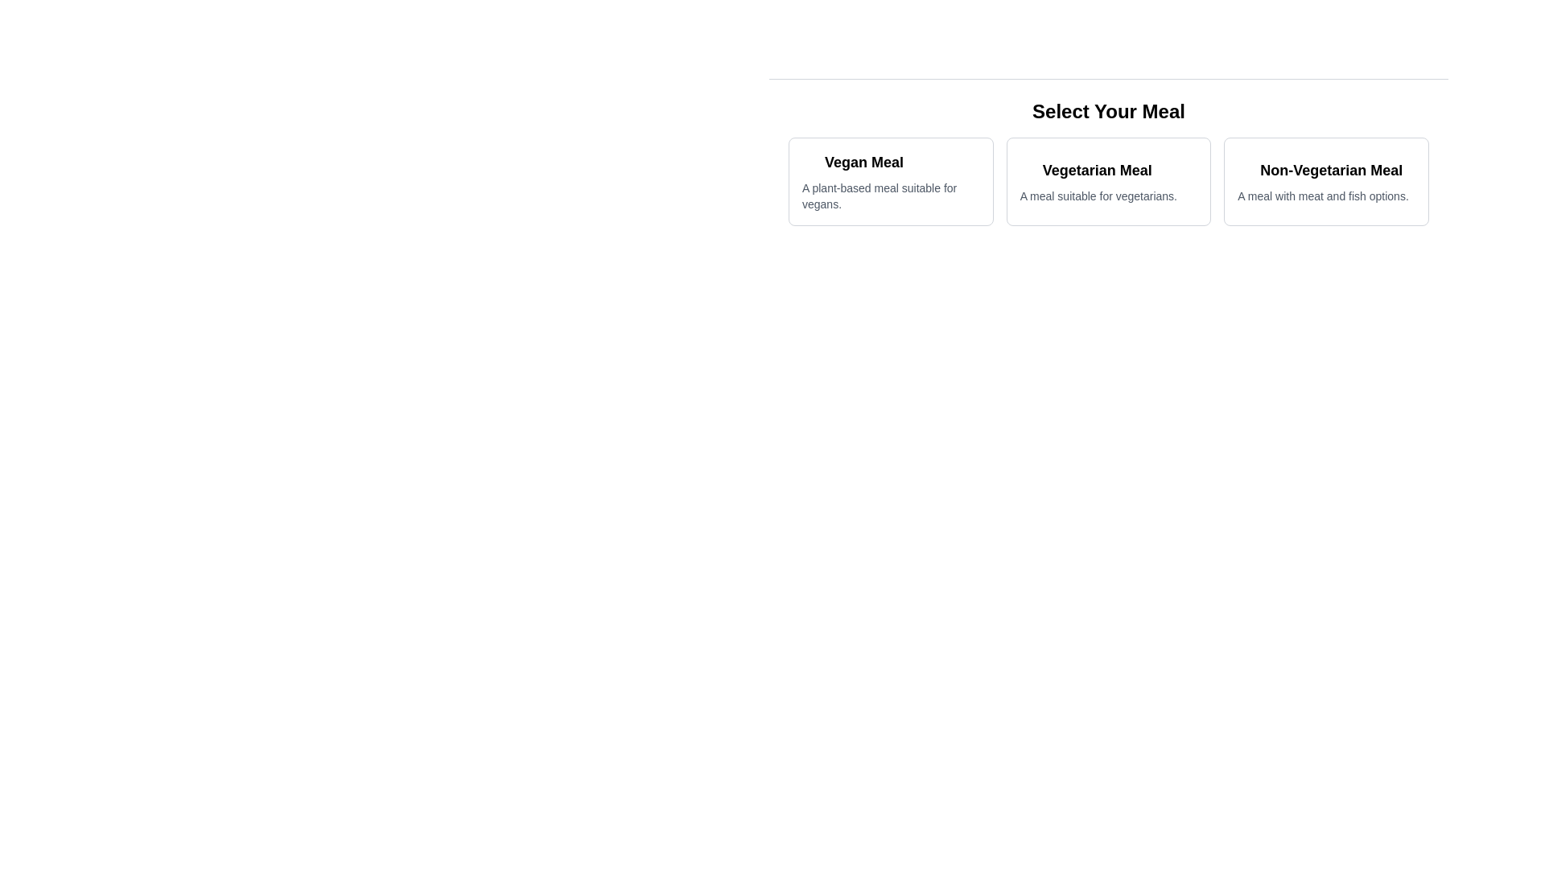 This screenshot has height=869, width=1545. Describe the element at coordinates (1096, 171) in the screenshot. I see `the bold heading 'Vegetarian Meal' located centrally within its selection card, which is the second card in a horizontal sequence of three` at that location.